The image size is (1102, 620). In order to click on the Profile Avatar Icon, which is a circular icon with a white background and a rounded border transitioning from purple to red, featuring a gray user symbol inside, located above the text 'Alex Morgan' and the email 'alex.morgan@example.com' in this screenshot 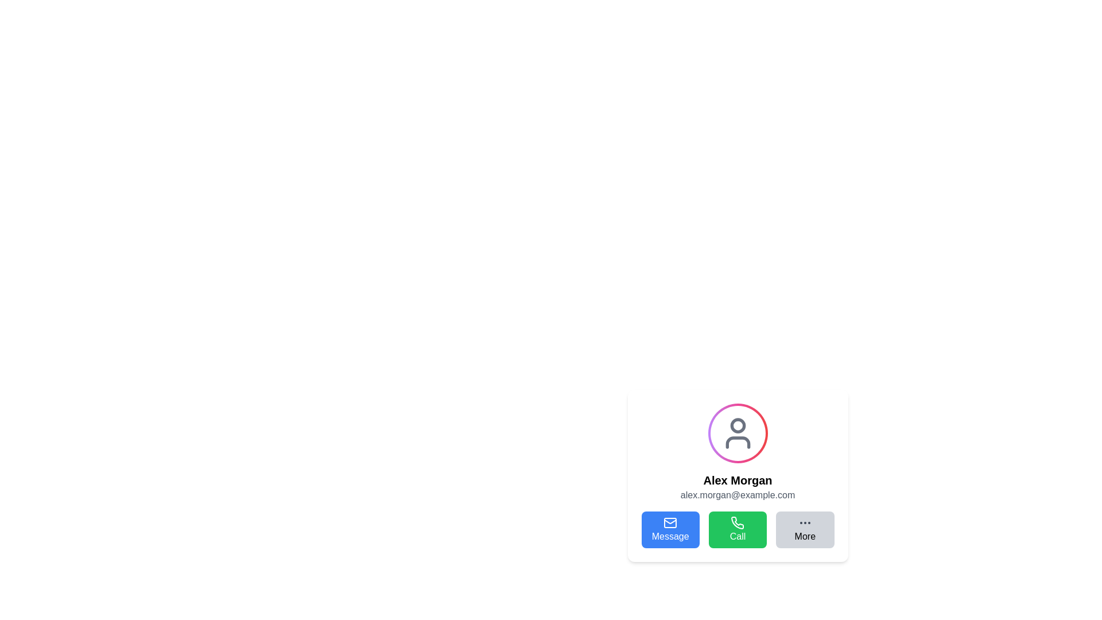, I will do `click(738, 433)`.